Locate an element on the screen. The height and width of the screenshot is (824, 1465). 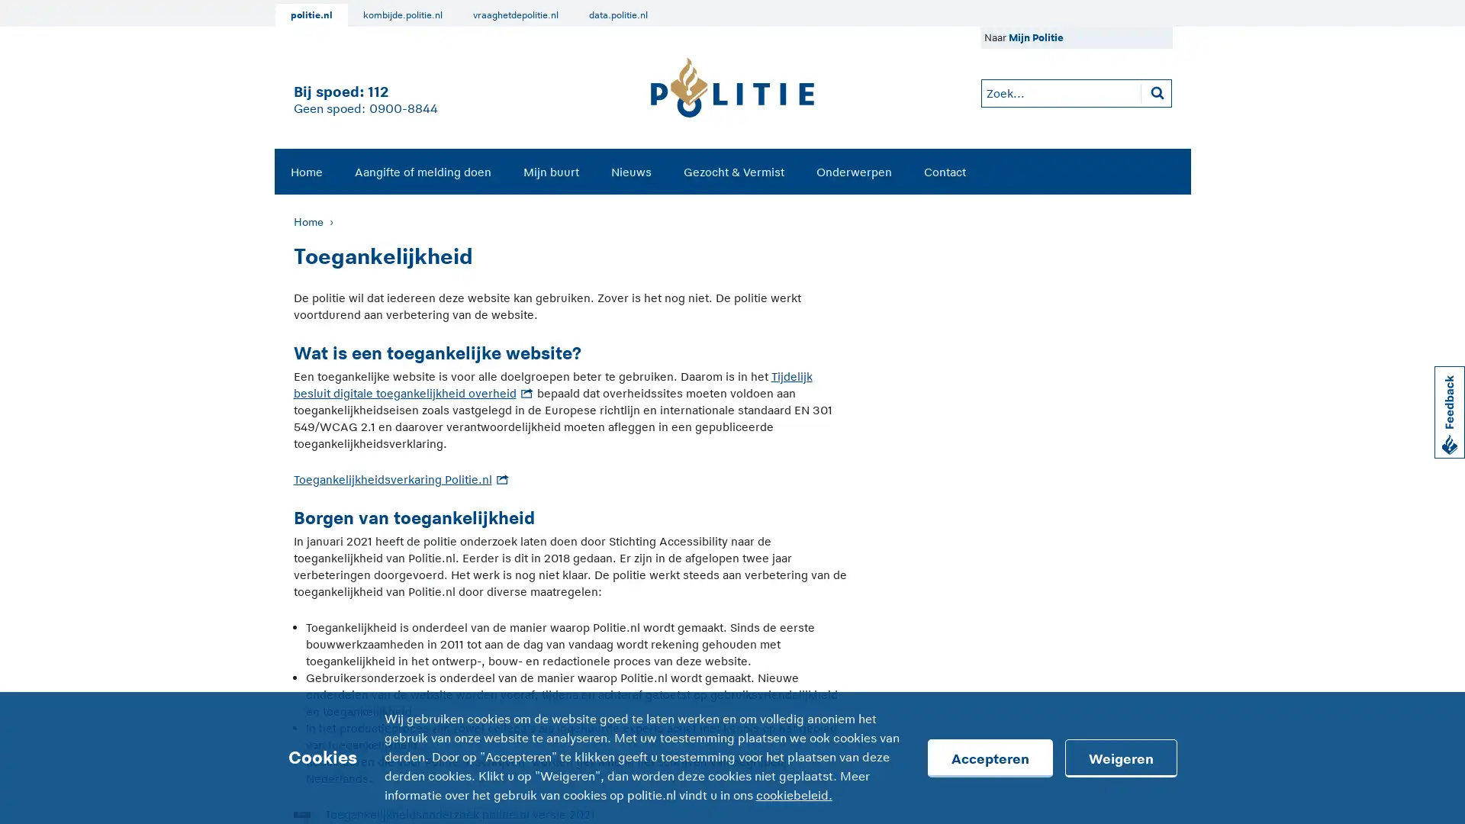
Weigeren is located at coordinates (1120, 757).